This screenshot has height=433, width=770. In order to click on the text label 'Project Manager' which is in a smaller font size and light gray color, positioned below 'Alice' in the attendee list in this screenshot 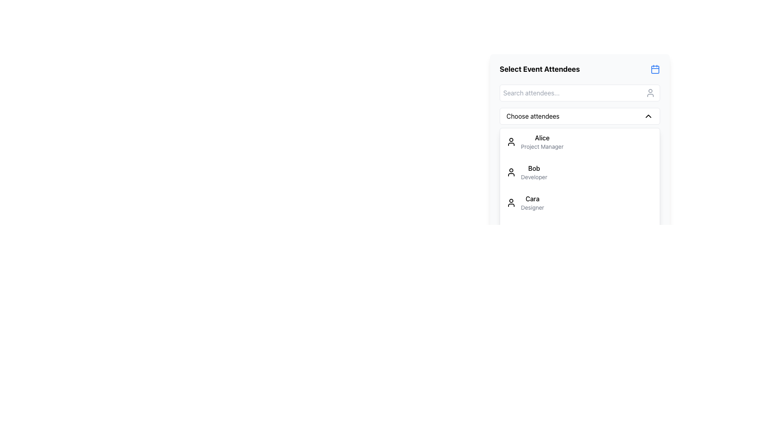, I will do `click(542, 147)`.